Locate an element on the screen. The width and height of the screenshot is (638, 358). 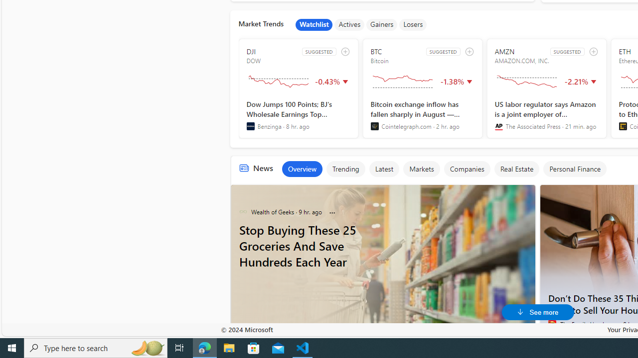
'Companies' is located at coordinates (466, 168).